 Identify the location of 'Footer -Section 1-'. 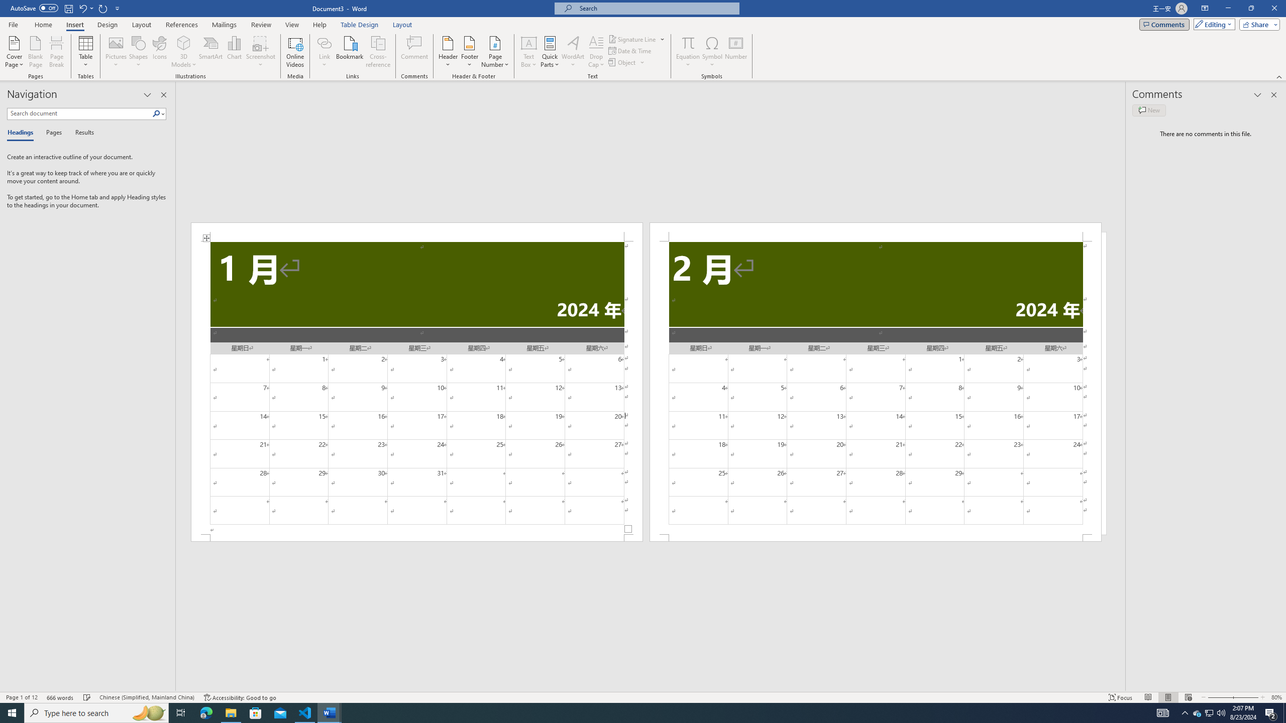
(416, 538).